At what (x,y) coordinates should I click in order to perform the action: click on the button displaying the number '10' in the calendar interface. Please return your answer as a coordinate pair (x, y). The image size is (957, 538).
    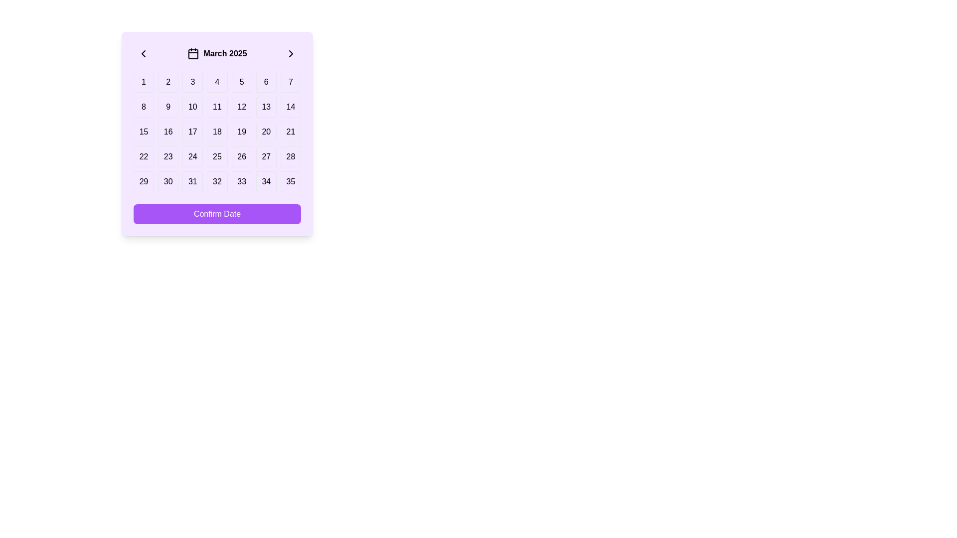
    Looking at the image, I should click on (192, 107).